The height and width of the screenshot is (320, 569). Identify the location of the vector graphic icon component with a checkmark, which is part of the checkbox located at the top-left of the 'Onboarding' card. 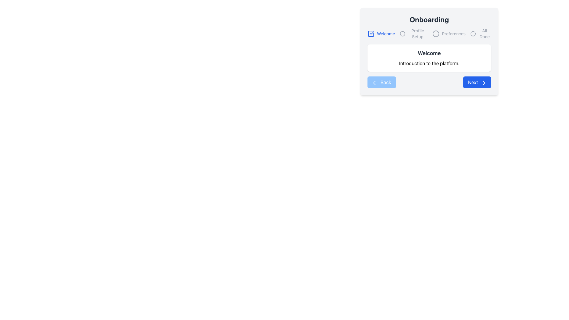
(371, 34).